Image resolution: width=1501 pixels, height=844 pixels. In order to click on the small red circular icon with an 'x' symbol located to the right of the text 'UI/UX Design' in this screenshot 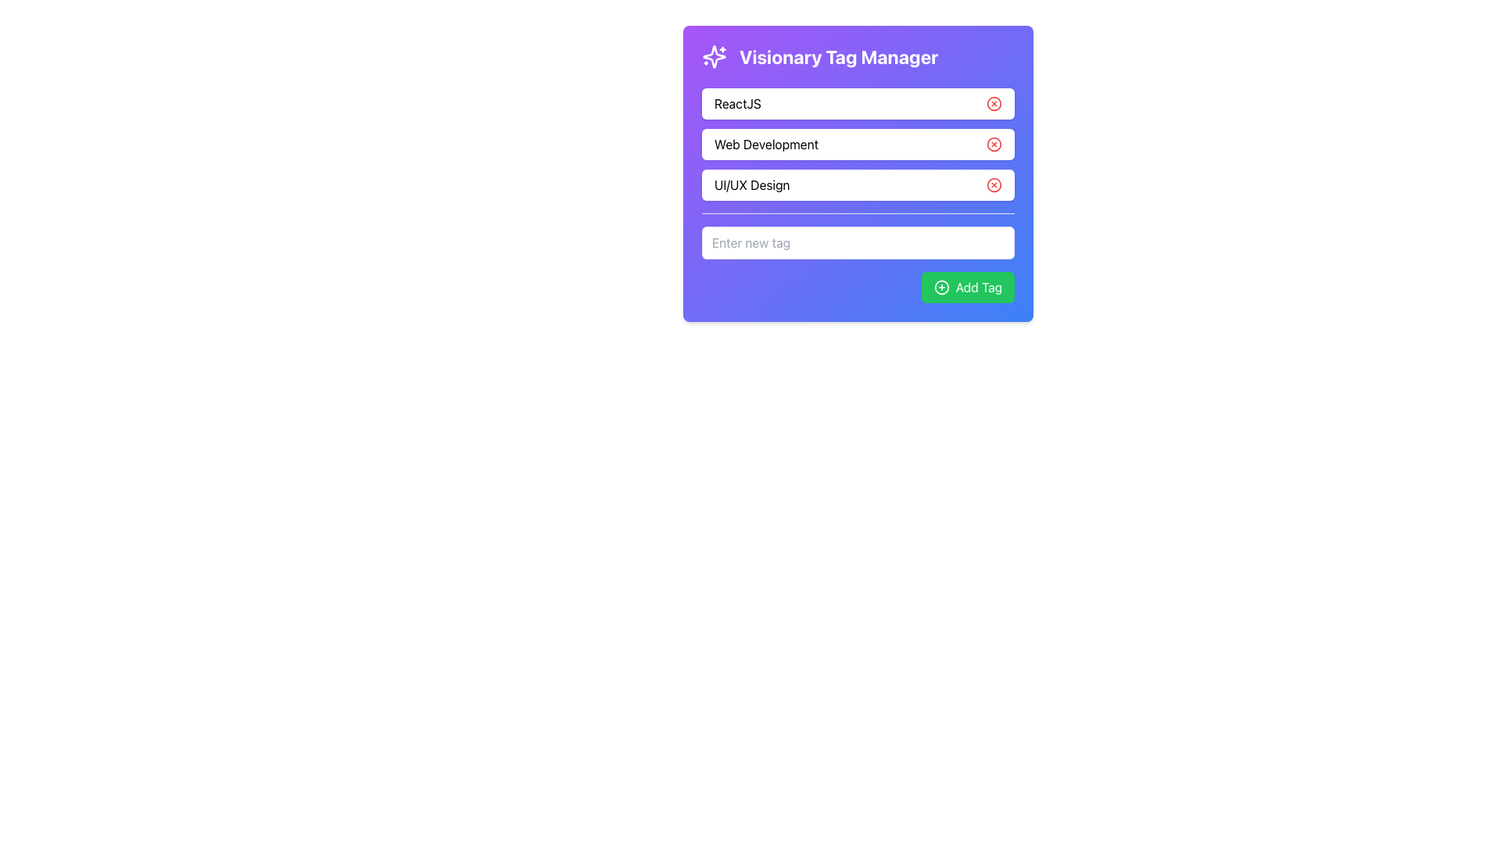, I will do `click(994, 184)`.